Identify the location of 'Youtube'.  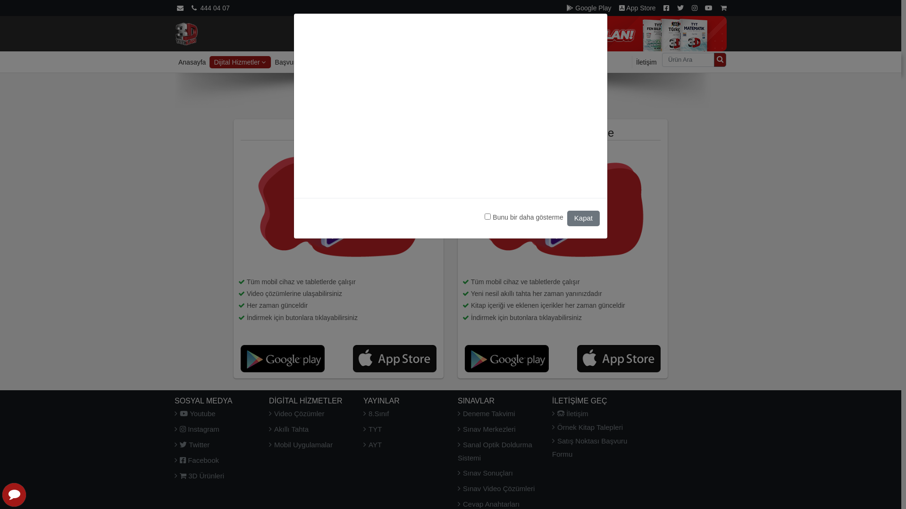
(194, 413).